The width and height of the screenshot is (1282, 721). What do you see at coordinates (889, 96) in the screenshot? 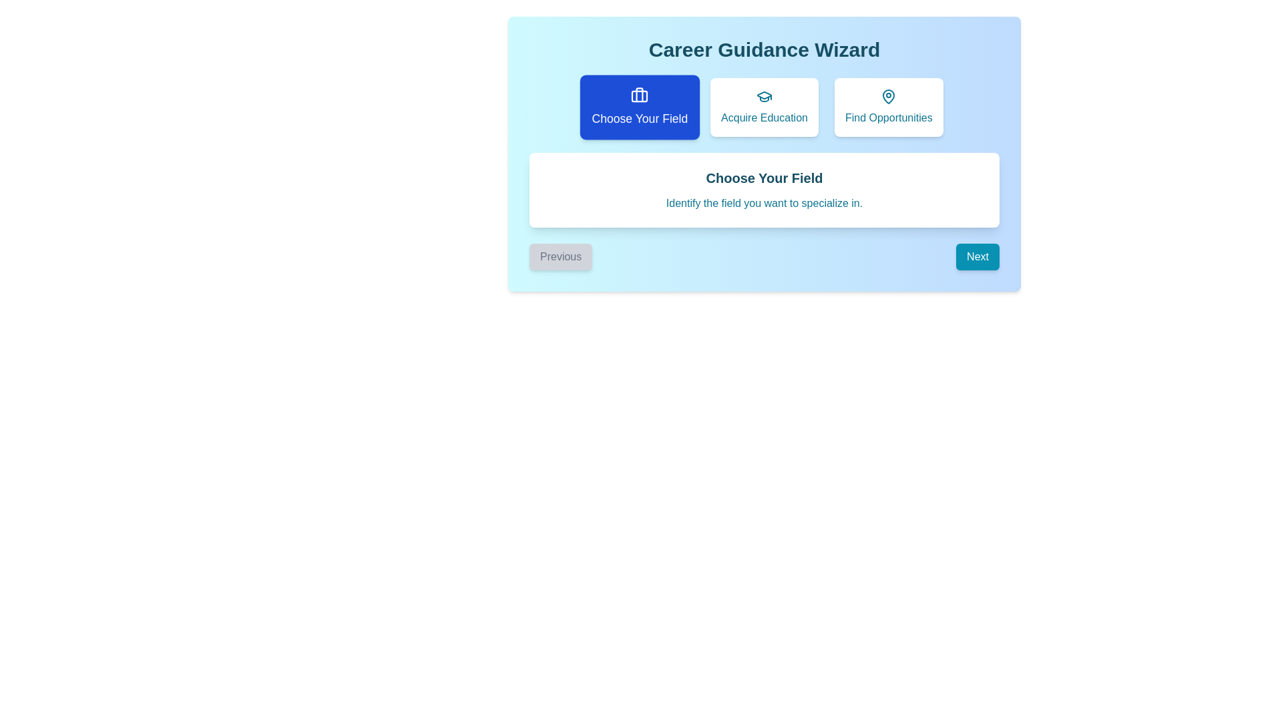
I see `the small pin icon styled as a map location marker located at the top center of the 'Find Opportunities' card, which is part of a three-item navigation group` at bounding box center [889, 96].